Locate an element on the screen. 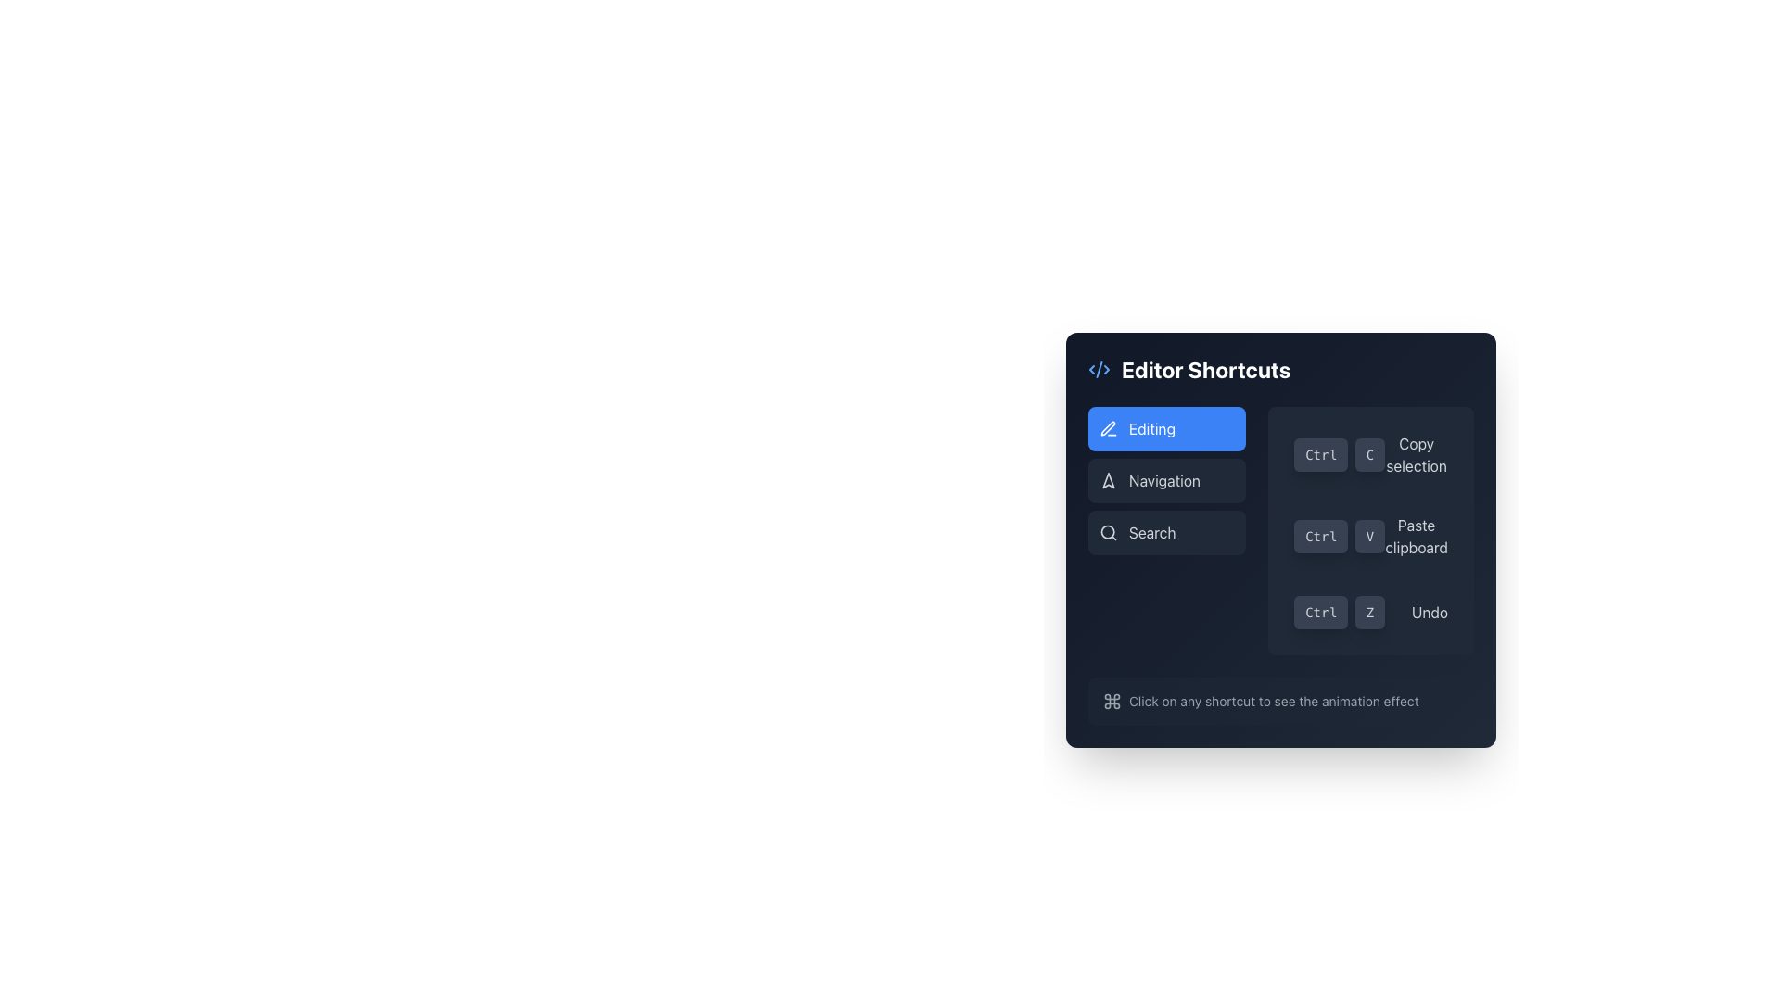  the text header displaying 'Editor Shortcuts', which is bold and white, located at the top of the panel is located at coordinates (1206, 369).